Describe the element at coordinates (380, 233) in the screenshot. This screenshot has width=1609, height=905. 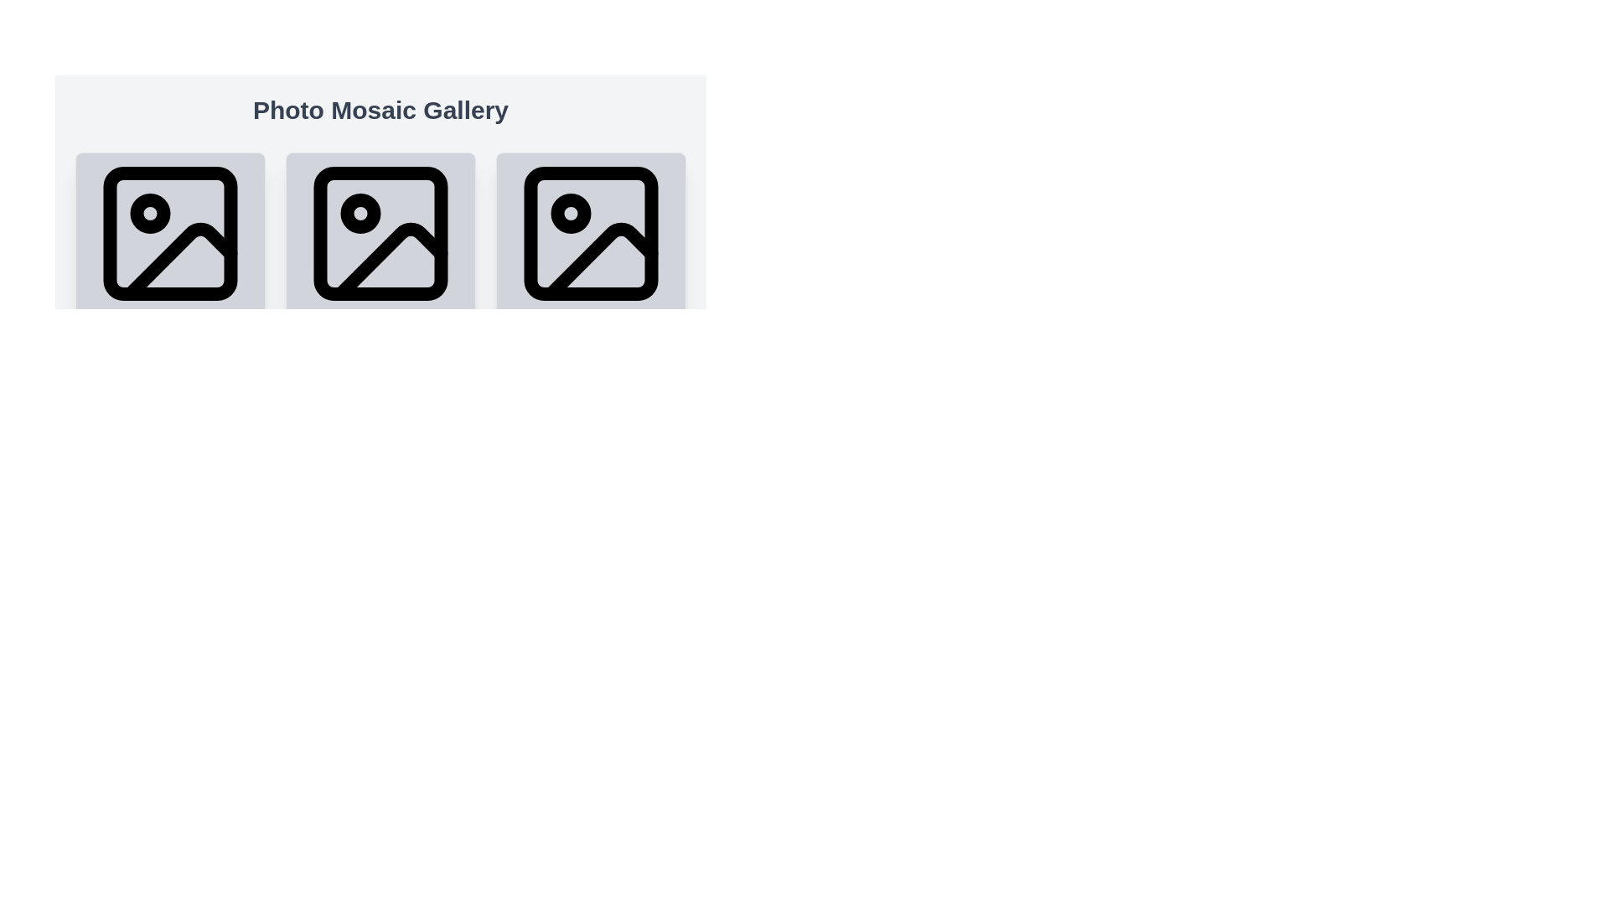
I see `the decorative shape within the SVG that serves as an embellishment for the image placeholder icon, located near the top-left corner of the bounding box` at that location.